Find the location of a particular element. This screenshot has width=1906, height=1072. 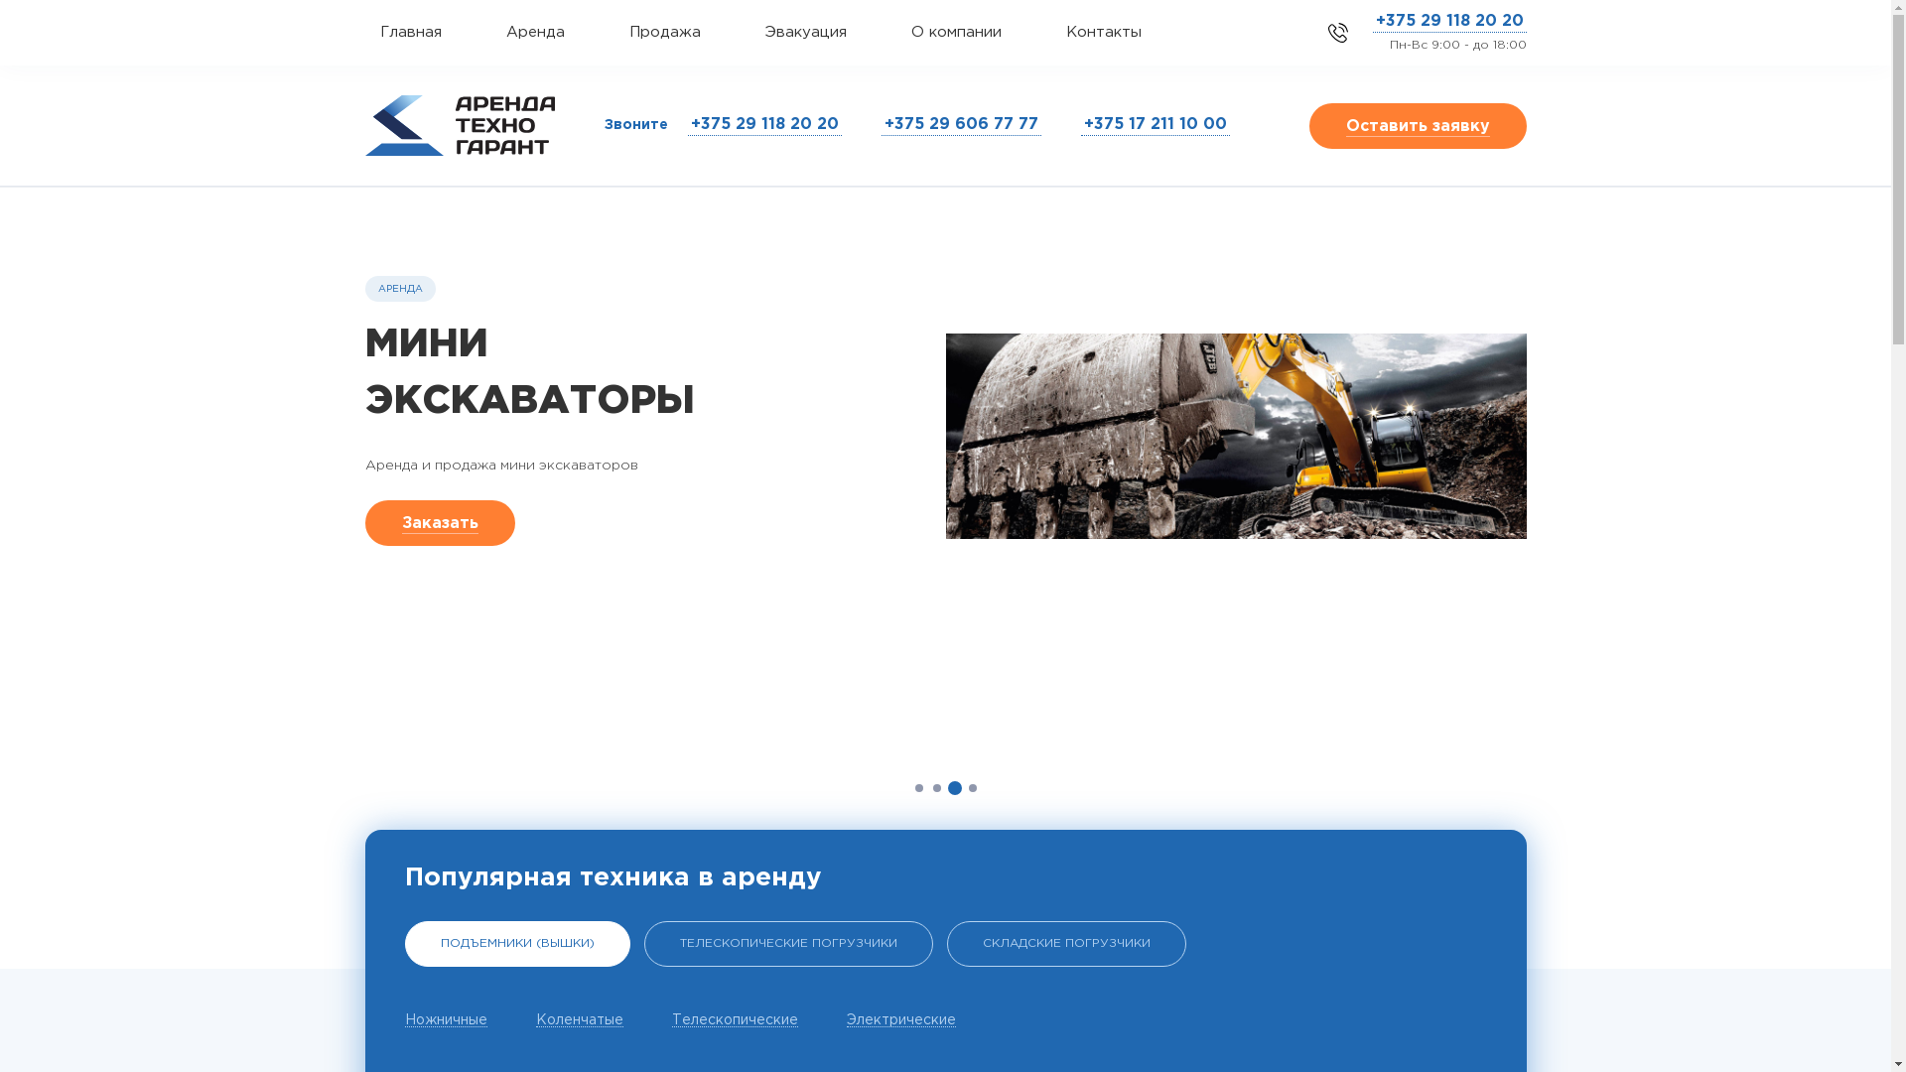

'+375 29 606 77 77' is located at coordinates (961, 125).